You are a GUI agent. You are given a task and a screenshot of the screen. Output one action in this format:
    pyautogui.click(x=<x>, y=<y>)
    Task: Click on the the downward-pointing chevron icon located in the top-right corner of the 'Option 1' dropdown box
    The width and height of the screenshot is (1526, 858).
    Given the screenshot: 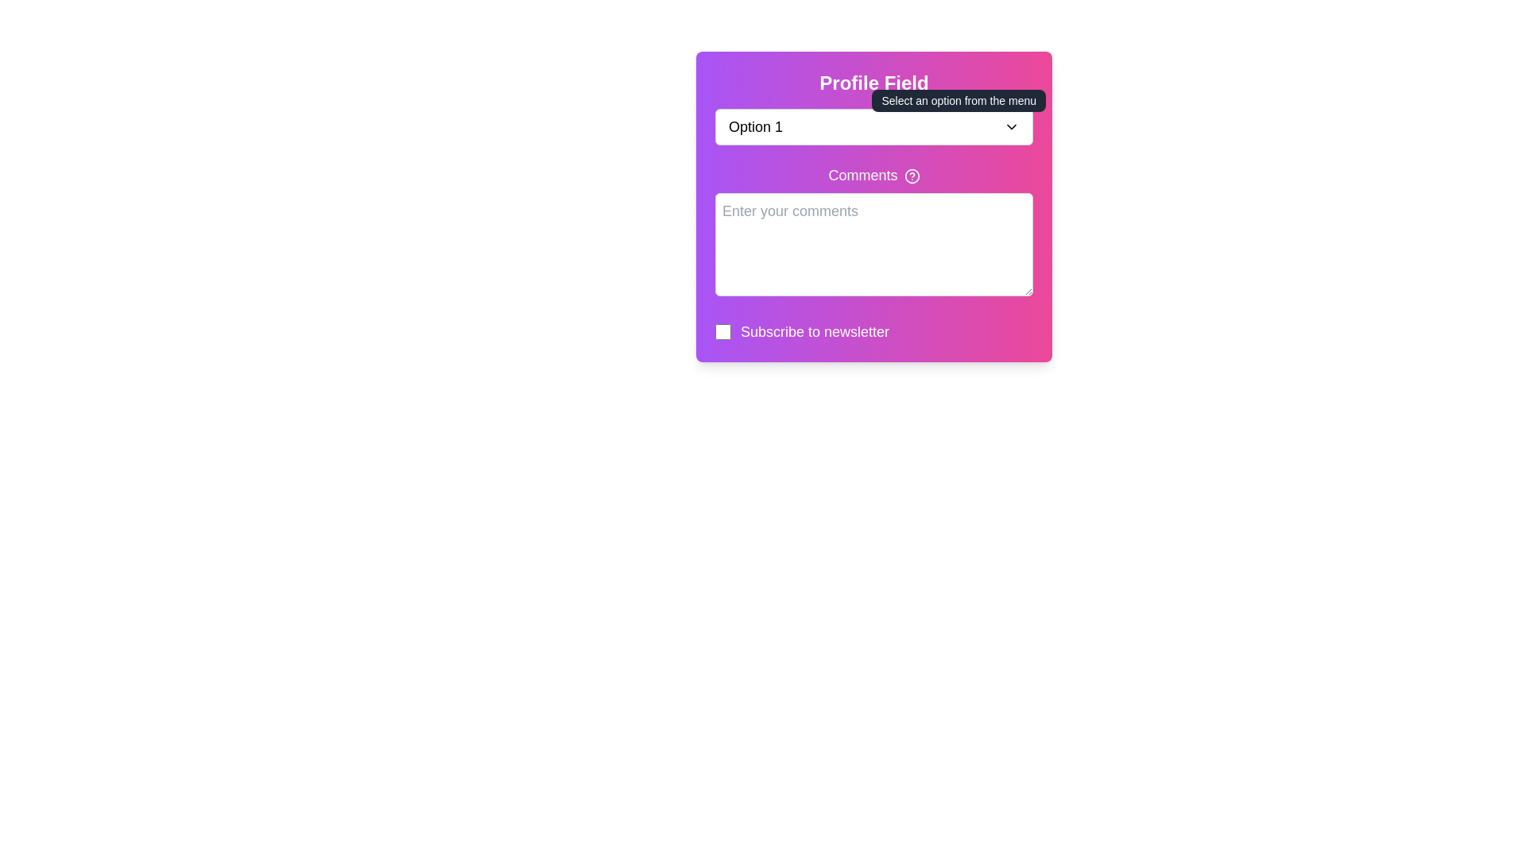 What is the action you would take?
    pyautogui.click(x=1010, y=126)
    